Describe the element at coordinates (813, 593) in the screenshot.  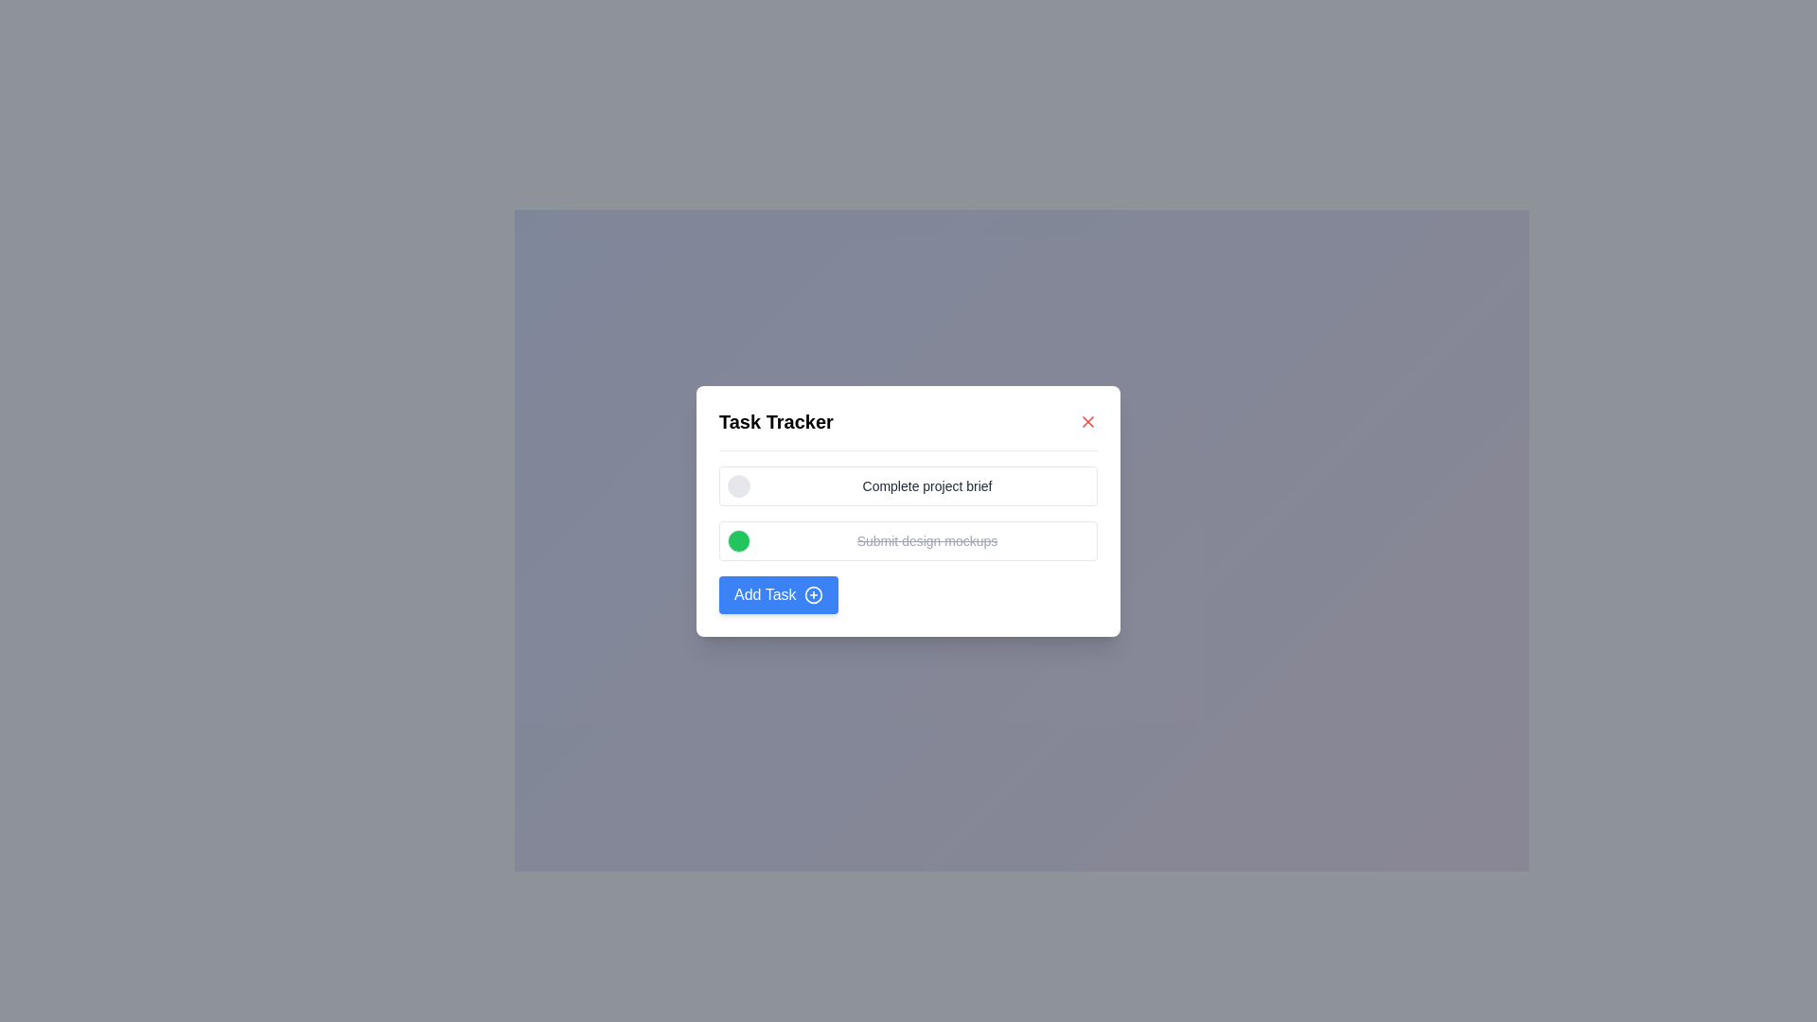
I see `the 'Add Task' icon, which is visually represented by a combination of circular and linear components, centrally located on the blue background of the button` at that location.